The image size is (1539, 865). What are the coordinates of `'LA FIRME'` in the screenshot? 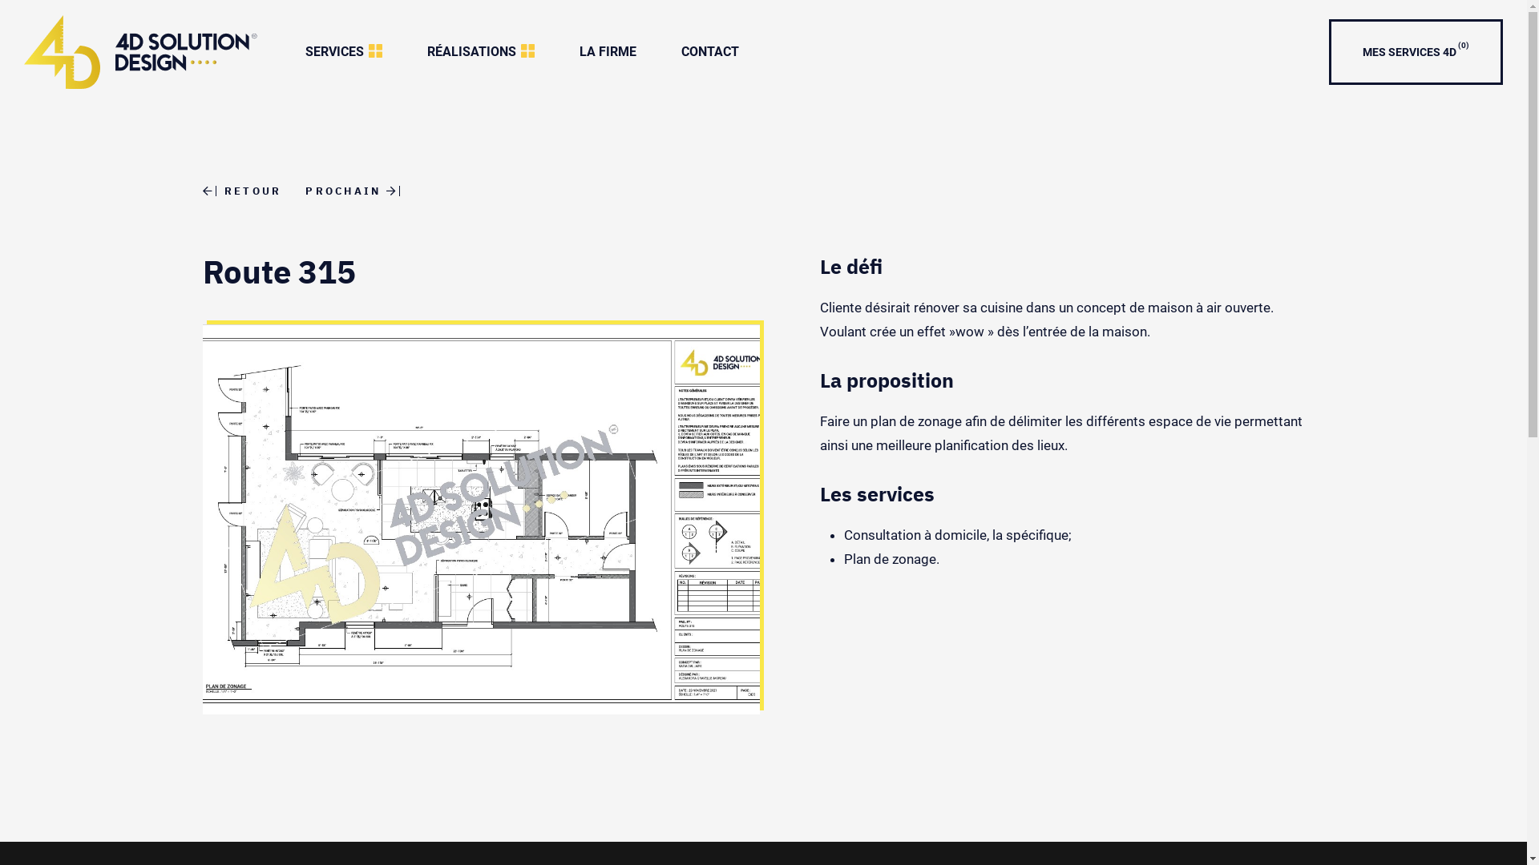 It's located at (557, 50).